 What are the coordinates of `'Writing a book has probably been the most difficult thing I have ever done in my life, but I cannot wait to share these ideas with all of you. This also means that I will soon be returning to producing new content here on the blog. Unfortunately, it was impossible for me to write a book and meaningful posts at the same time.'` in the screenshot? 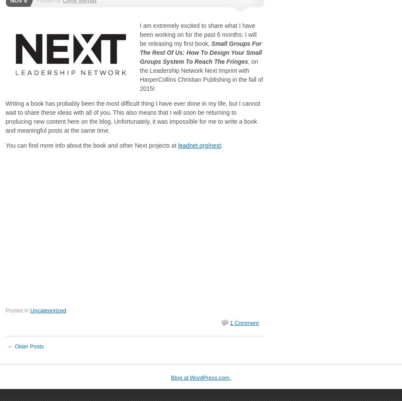 It's located at (132, 117).